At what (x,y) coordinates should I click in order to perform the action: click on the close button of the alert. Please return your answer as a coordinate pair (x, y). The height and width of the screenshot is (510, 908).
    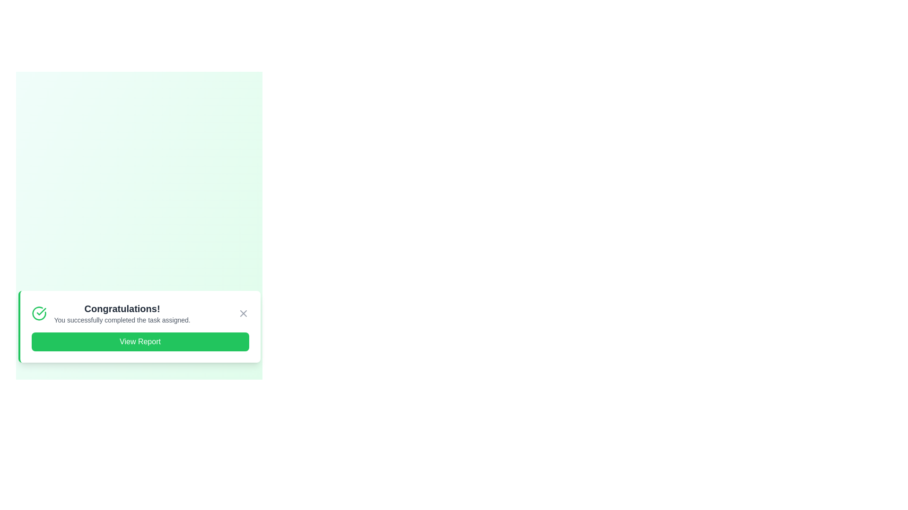
    Looking at the image, I should click on (243, 313).